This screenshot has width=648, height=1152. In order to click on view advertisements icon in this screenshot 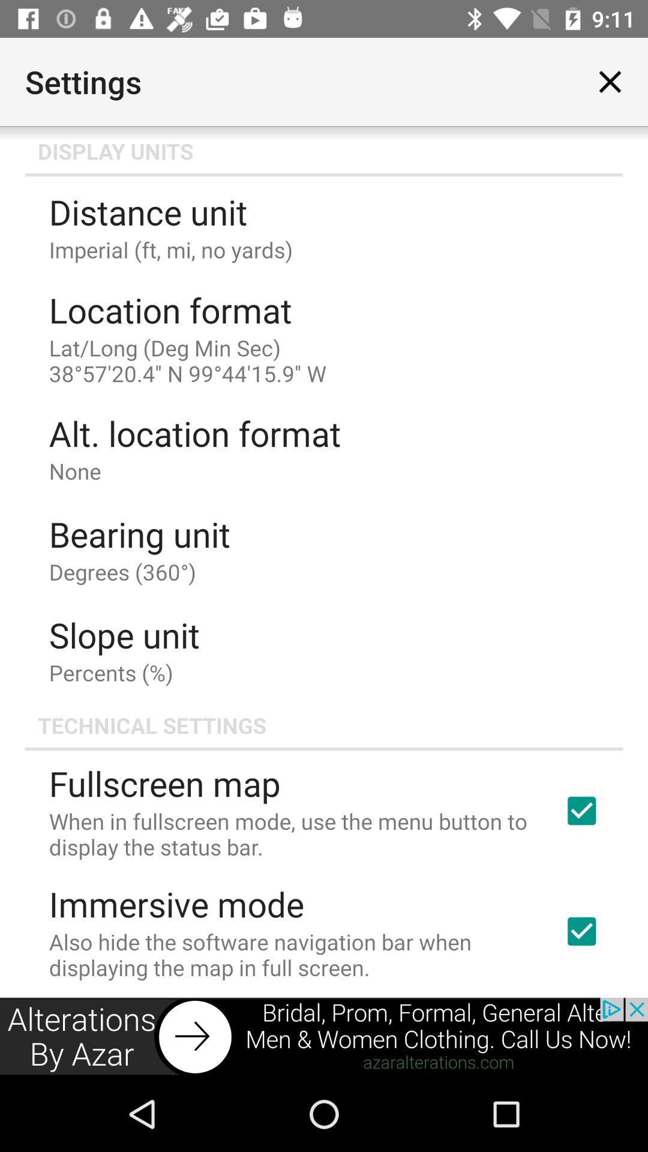, I will do `click(324, 1036)`.